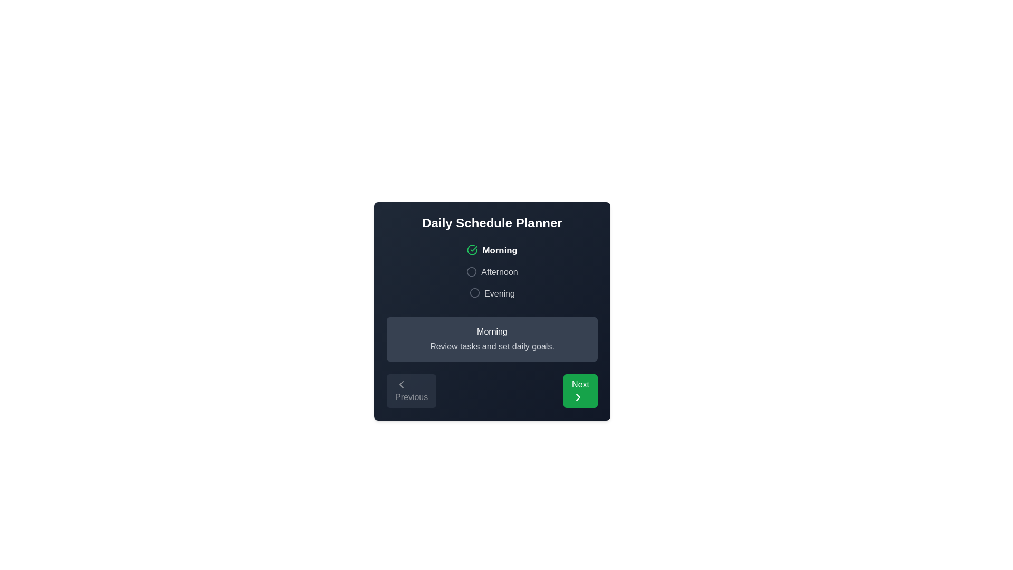 The width and height of the screenshot is (1013, 570). Describe the element at coordinates (578, 397) in the screenshot. I see `the rightward-facing chevron icon located on the far-right side of the green 'Next' button` at that location.